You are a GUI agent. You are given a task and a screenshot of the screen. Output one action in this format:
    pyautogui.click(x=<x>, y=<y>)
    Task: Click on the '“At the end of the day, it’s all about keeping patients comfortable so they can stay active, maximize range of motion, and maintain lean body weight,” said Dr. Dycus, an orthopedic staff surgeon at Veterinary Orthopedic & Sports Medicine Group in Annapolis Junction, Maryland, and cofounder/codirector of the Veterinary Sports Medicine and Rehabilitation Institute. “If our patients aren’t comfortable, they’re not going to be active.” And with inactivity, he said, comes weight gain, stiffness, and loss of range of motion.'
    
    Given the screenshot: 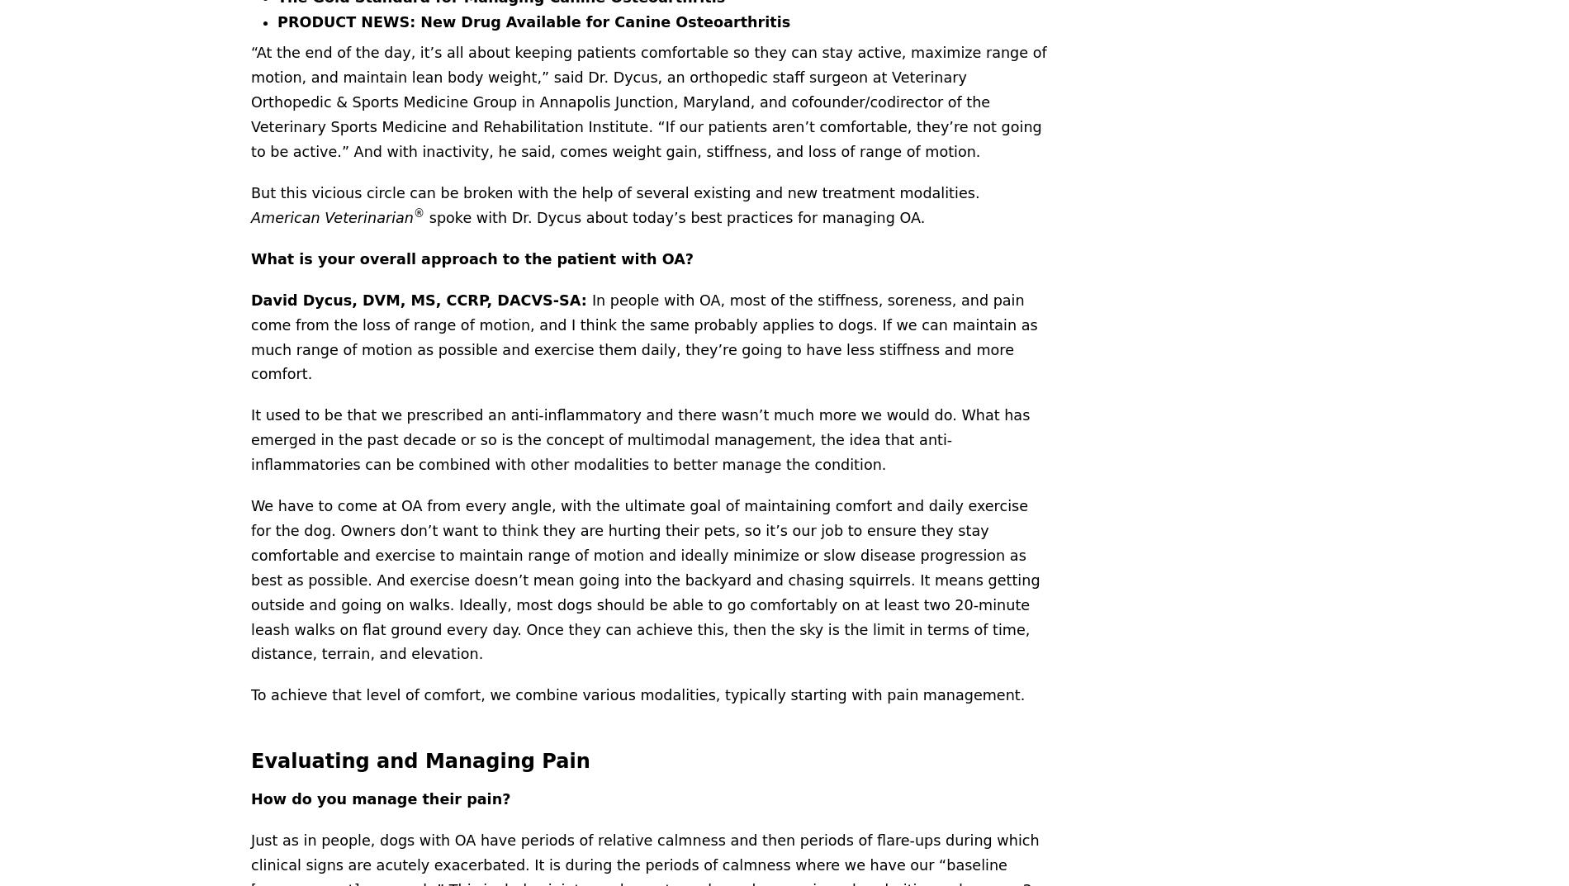 What is the action you would take?
    pyautogui.click(x=647, y=102)
    